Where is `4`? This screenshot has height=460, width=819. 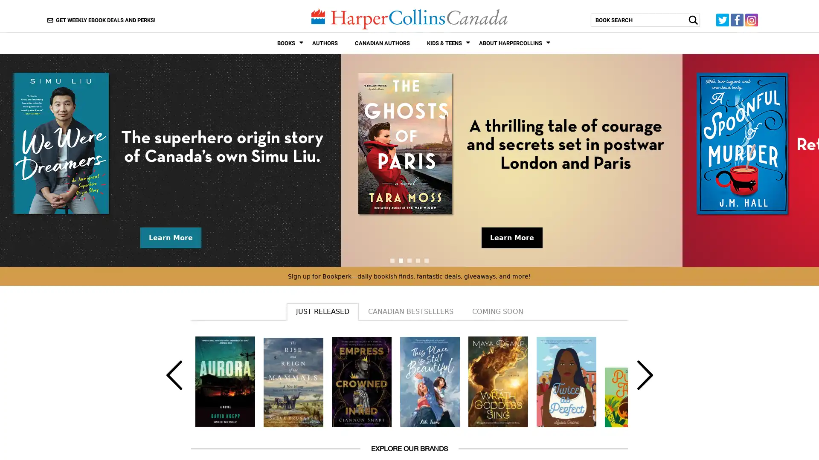 4 is located at coordinates (418, 259).